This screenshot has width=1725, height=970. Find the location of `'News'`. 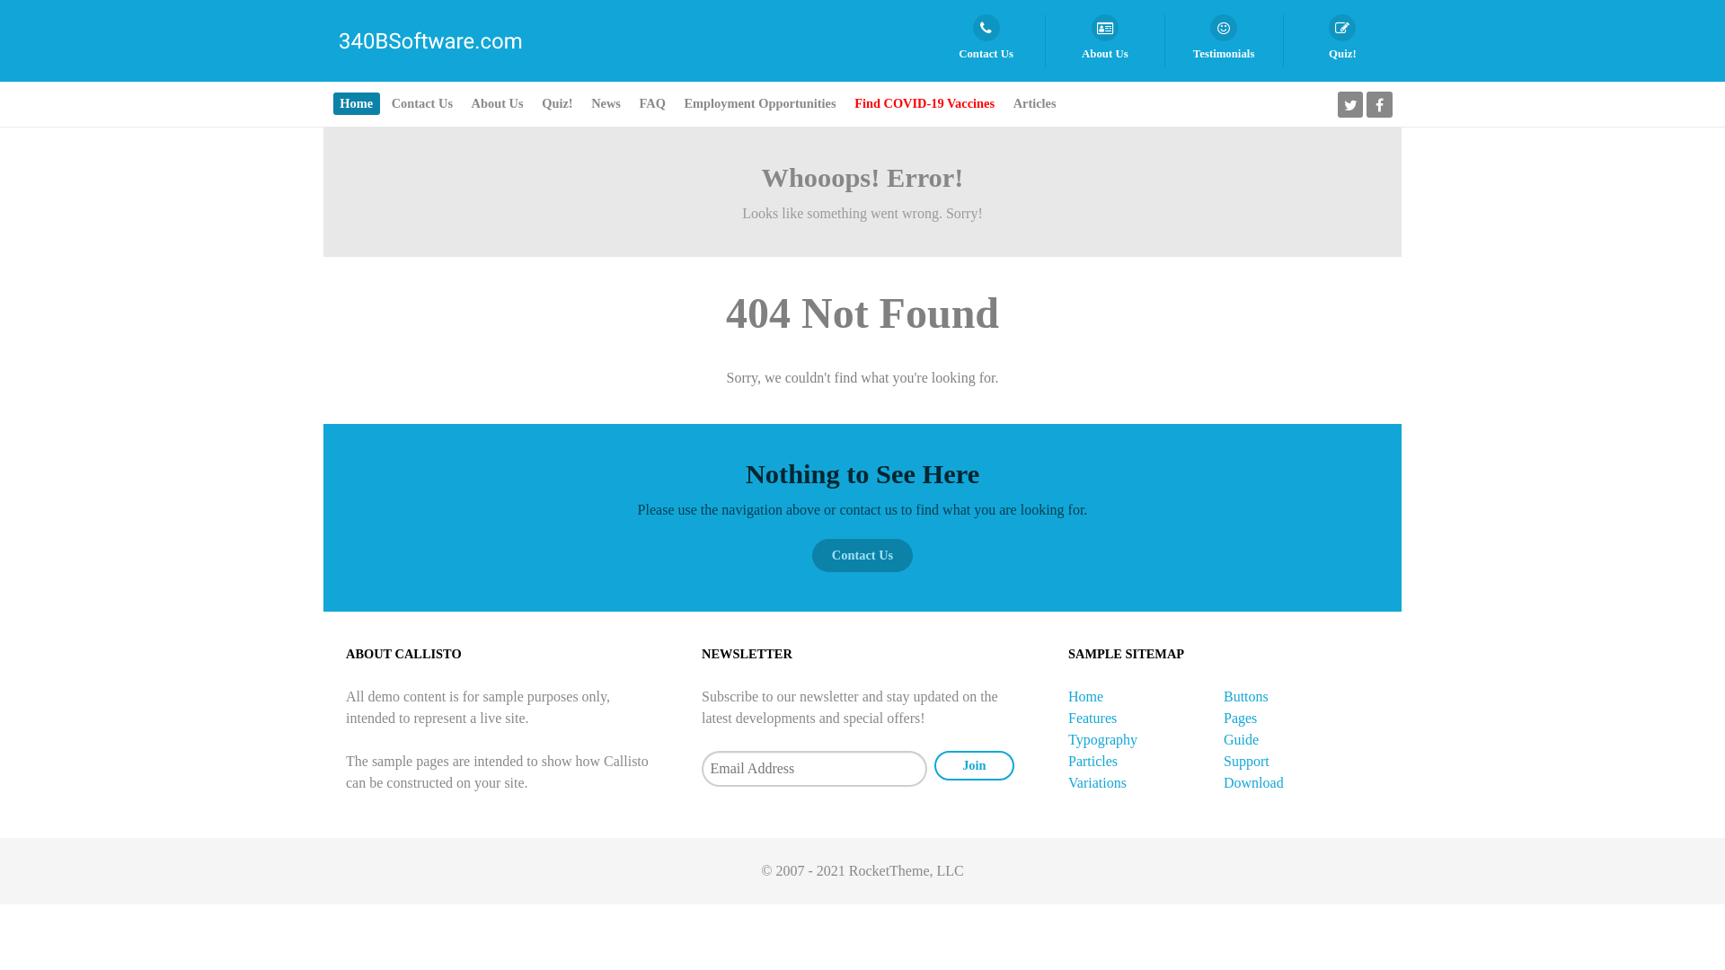

'News' is located at coordinates (606, 103).